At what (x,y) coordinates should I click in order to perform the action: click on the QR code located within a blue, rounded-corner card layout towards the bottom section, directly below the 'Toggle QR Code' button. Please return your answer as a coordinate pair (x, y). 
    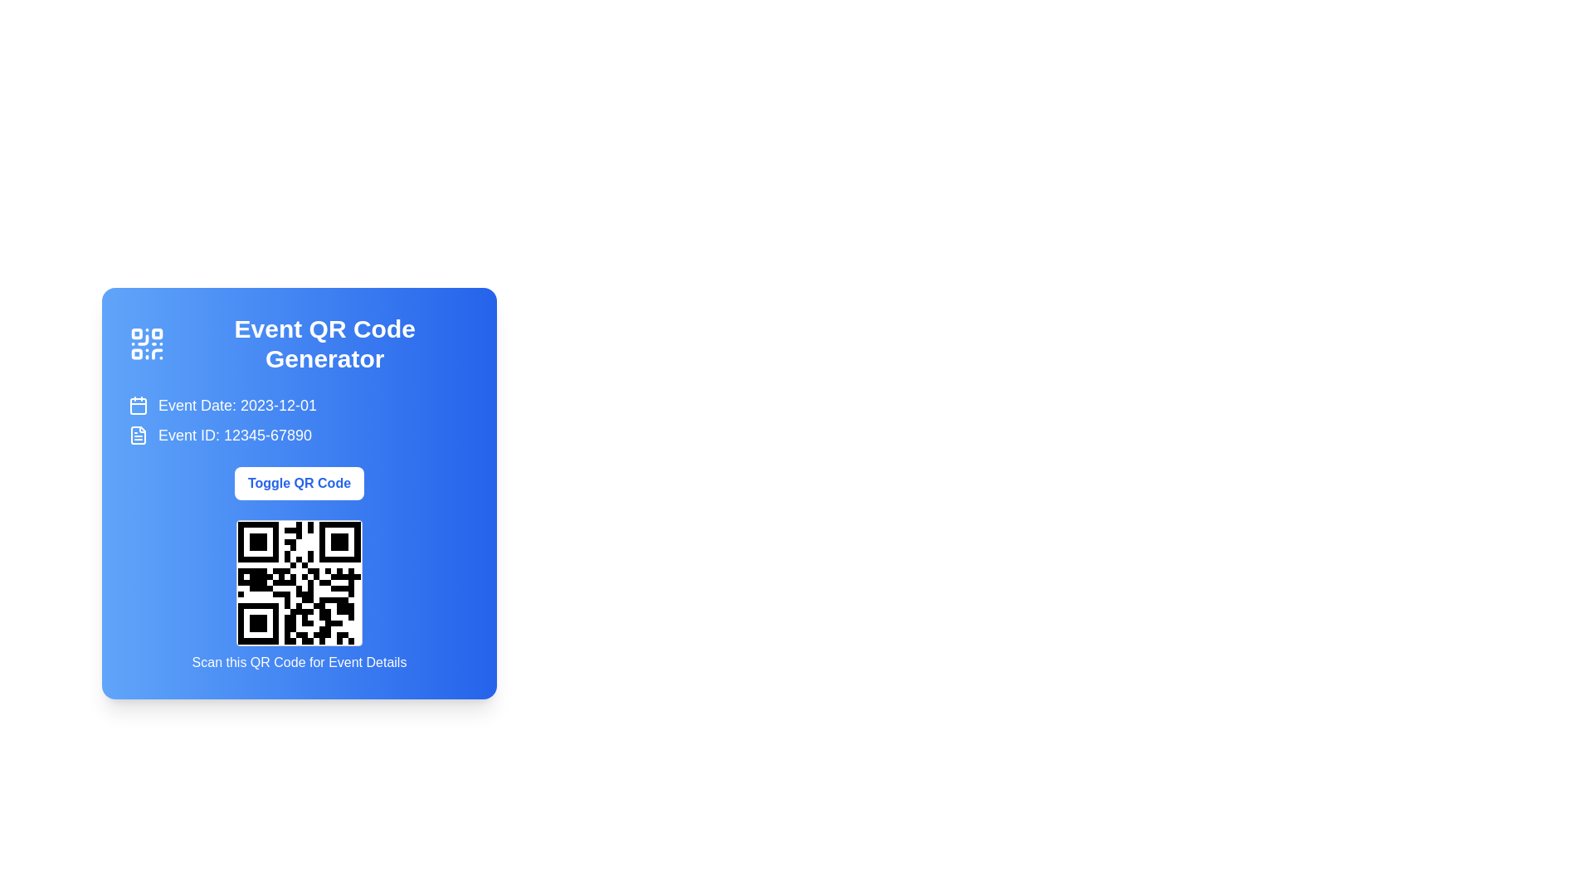
    Looking at the image, I should click on (299, 595).